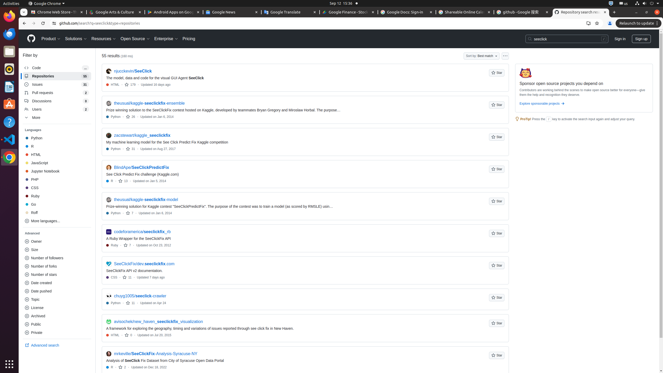 The width and height of the screenshot is (663, 373). I want to click on '‎R‎', so click(57, 146).